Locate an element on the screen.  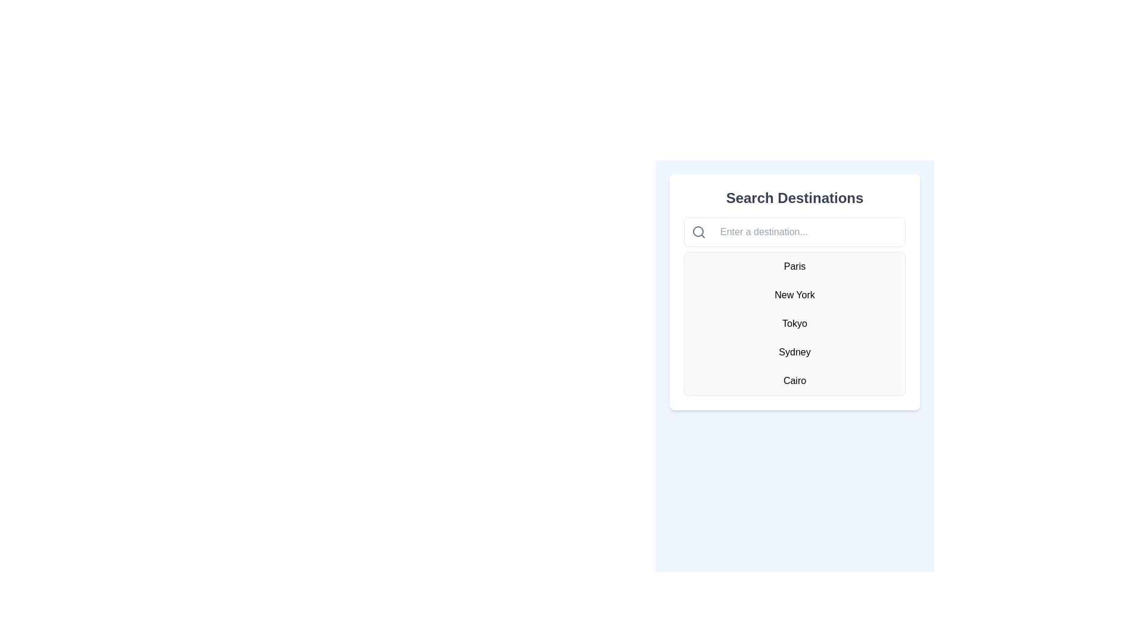
the text item displaying 'New York' located under 'Search Destinations' is located at coordinates (795, 292).